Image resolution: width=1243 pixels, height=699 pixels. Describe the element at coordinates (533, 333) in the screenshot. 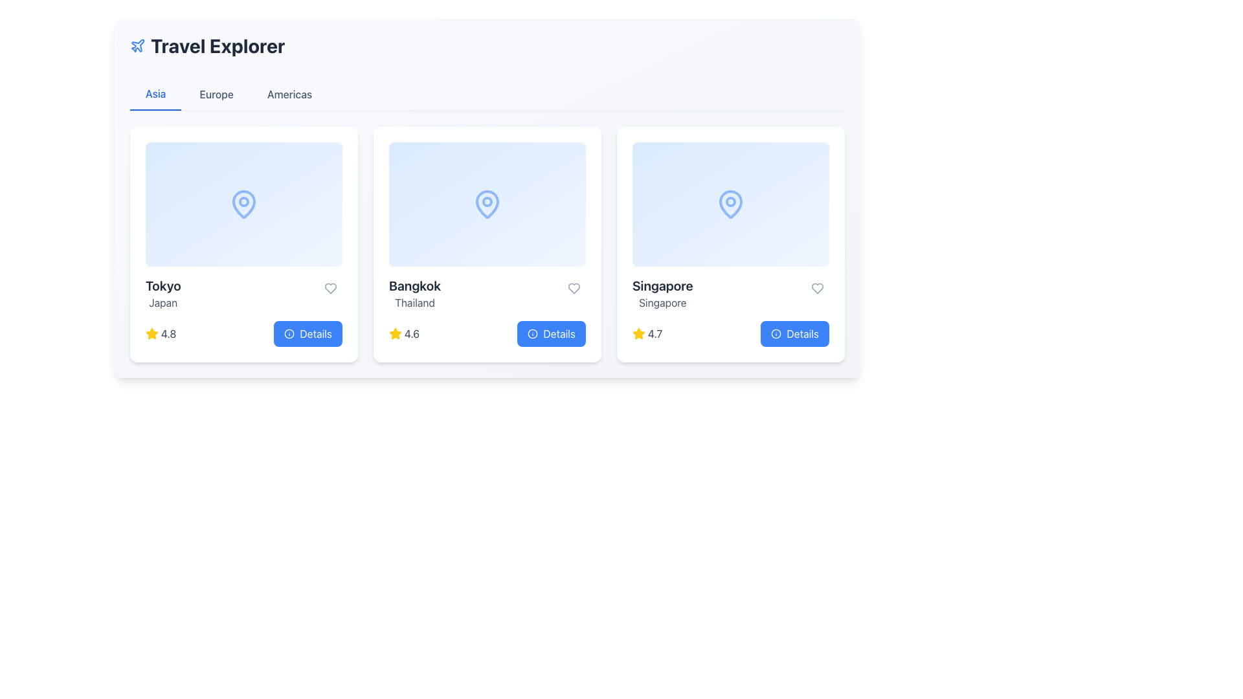

I see `the circular icon within the SVG info icon located at the bottom-right corner of the 'Bangkok' card, adjacent to the 'Details' button` at that location.